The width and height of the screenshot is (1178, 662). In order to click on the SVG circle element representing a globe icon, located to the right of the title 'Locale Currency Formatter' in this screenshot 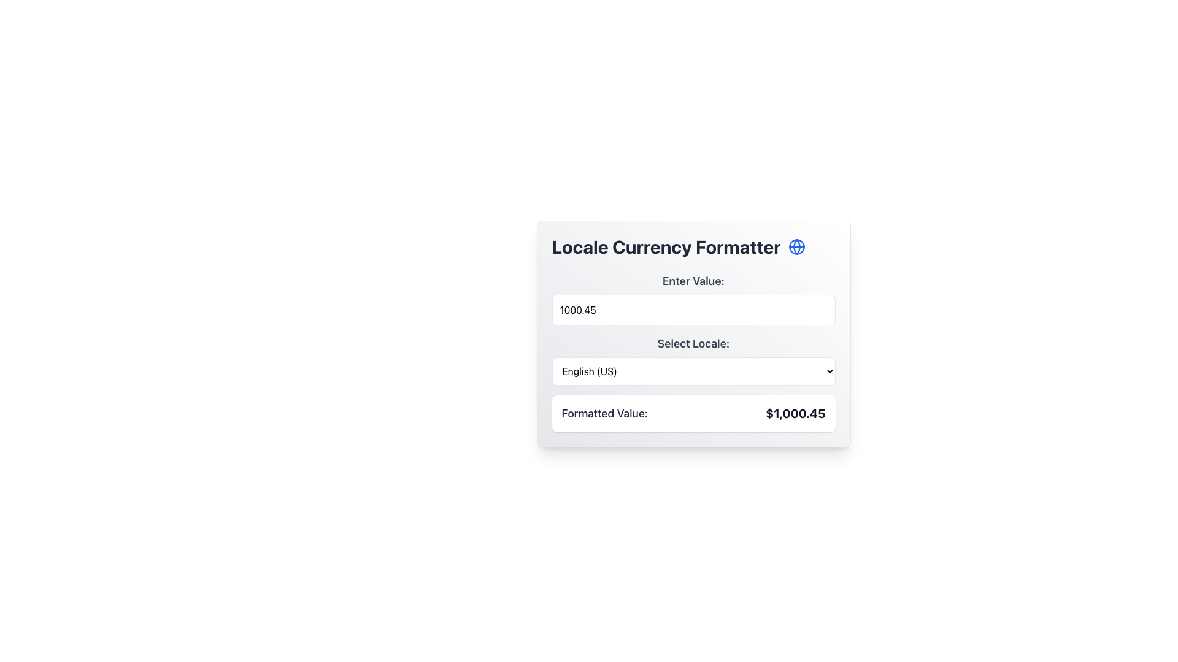, I will do `click(796, 246)`.